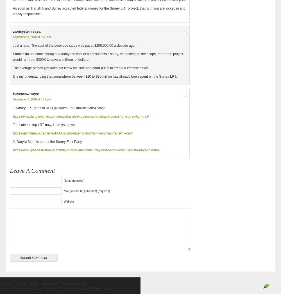 Image resolution: width=281 pixels, height=294 pixels. Describe the element at coordinates (31, 99) in the screenshot. I see `'September 6, 2018 at 5:12 pm'` at that location.